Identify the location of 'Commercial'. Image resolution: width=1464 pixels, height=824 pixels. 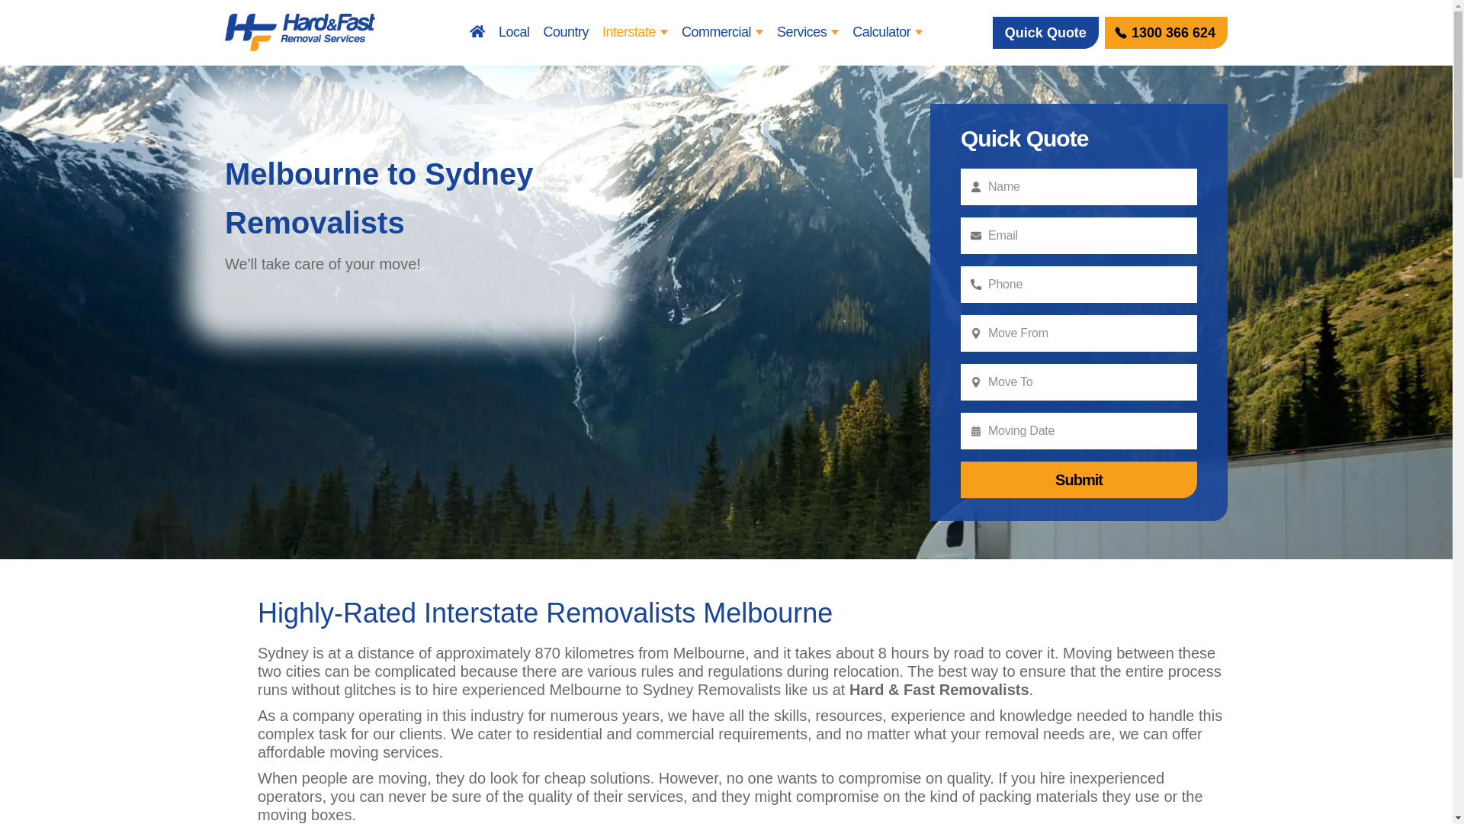
(721, 32).